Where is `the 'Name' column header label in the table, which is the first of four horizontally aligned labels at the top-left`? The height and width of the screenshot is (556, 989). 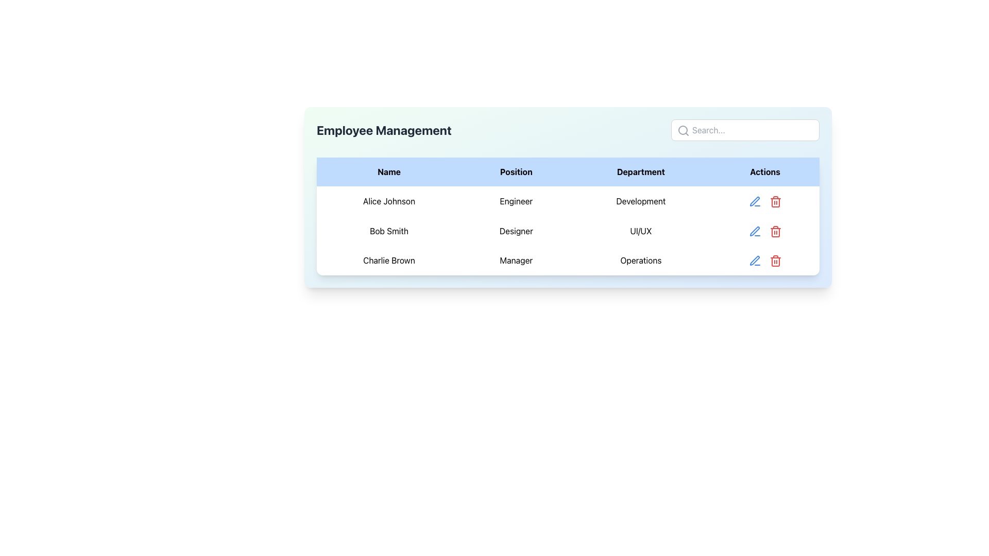
the 'Name' column header label in the table, which is the first of four horizontally aligned labels at the top-left is located at coordinates (388, 171).